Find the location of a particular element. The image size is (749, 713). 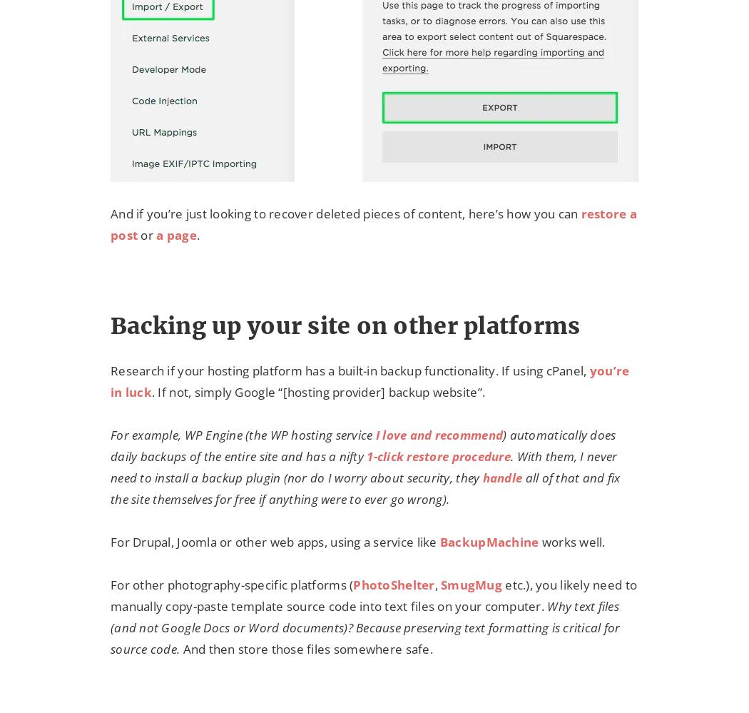

'or' is located at coordinates (146, 233).